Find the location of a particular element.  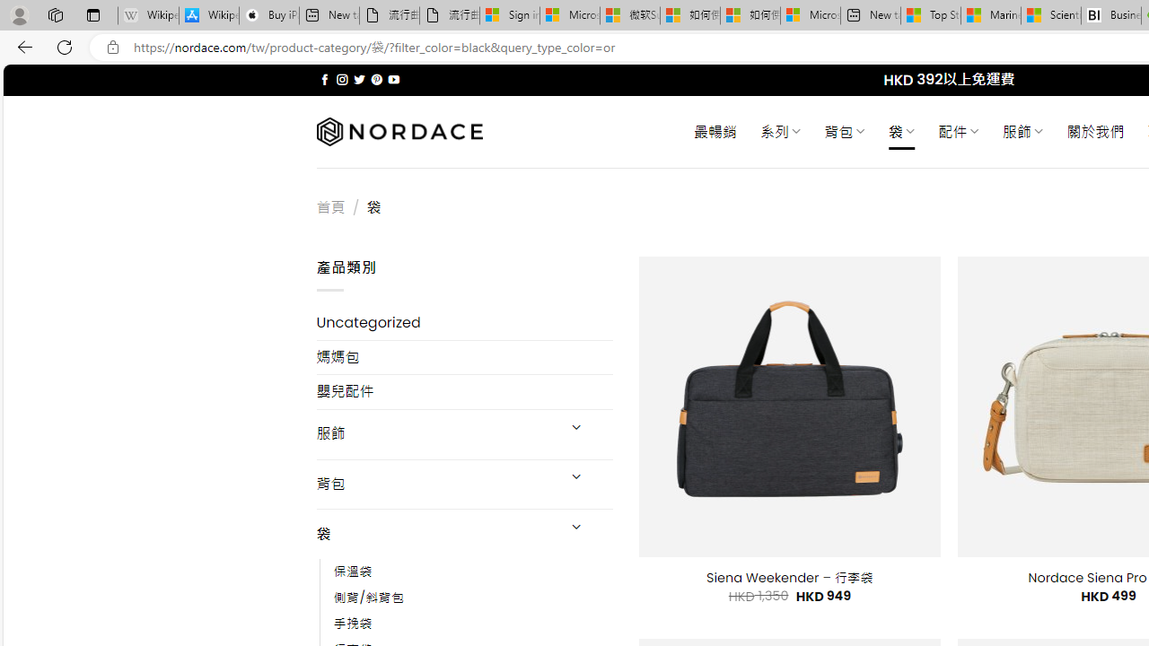

'Uncategorized' is located at coordinates (464, 323).